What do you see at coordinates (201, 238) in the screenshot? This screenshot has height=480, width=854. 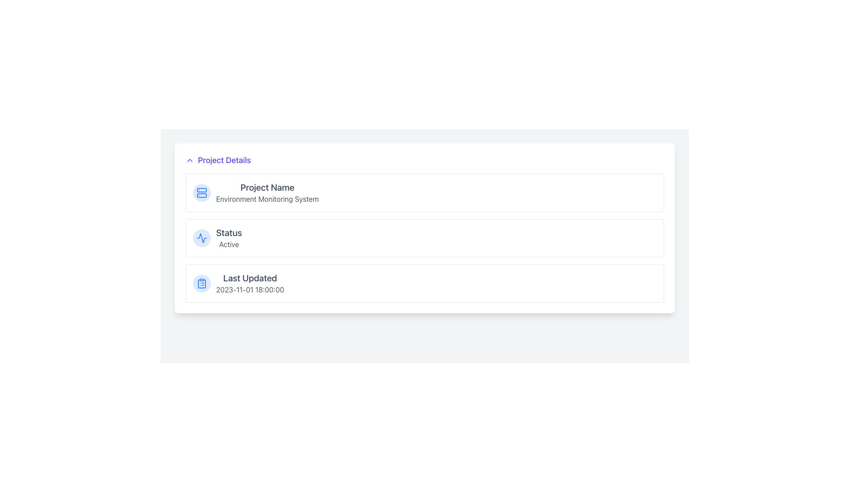 I see `the SVG icon representing an activity or status in the middle of the layout, which is part of a group of similar icons` at bounding box center [201, 238].